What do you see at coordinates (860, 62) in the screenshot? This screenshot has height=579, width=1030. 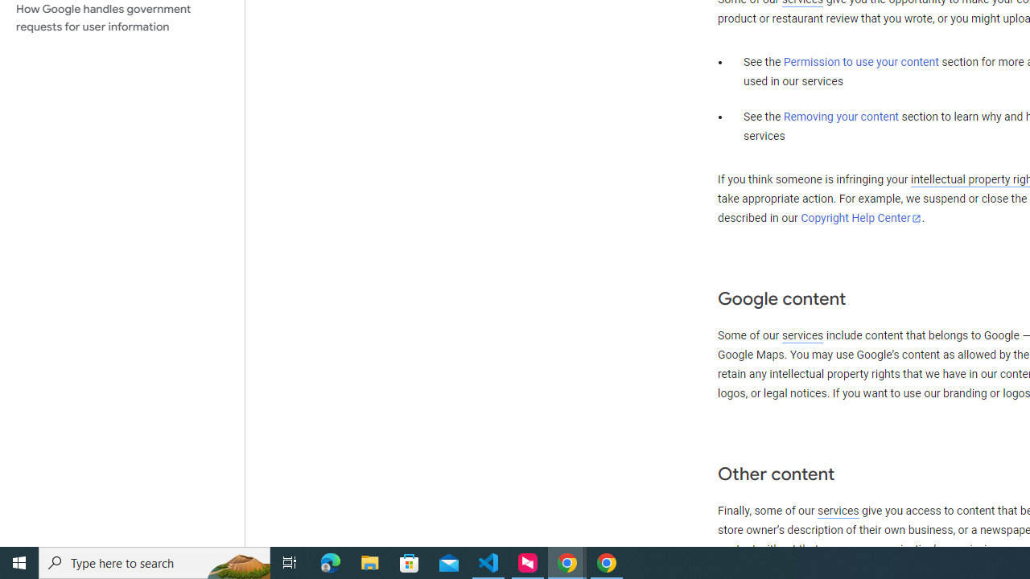 I see `'Permission to use your content'` at bounding box center [860, 62].